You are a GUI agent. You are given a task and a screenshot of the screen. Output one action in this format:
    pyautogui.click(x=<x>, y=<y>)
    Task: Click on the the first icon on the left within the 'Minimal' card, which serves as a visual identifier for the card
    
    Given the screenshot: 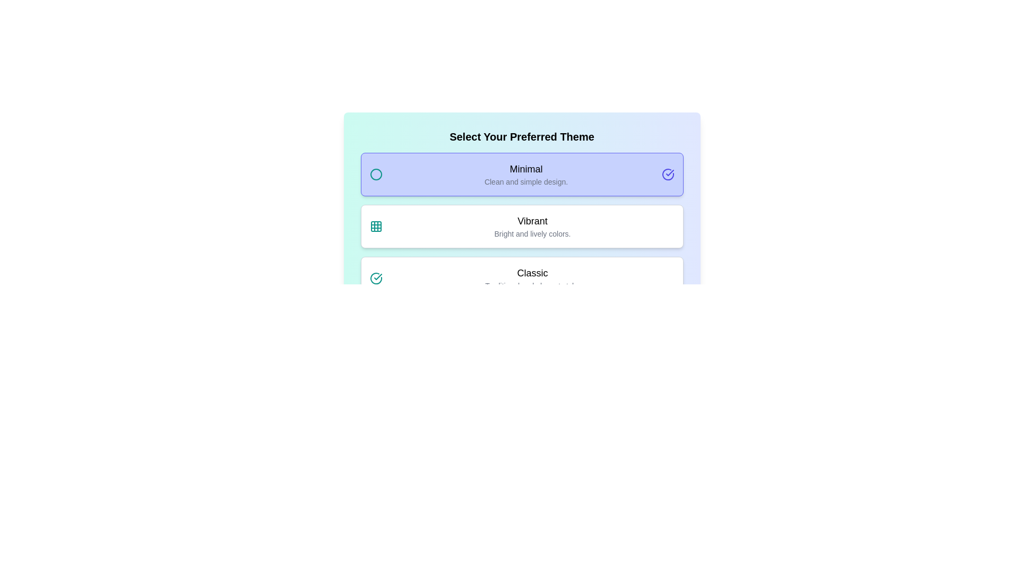 What is the action you would take?
    pyautogui.click(x=376, y=173)
    